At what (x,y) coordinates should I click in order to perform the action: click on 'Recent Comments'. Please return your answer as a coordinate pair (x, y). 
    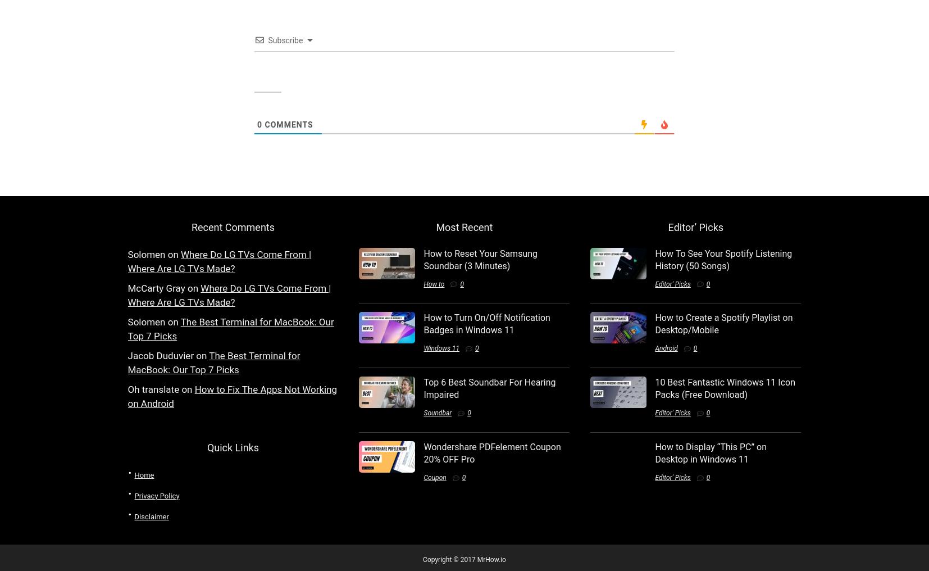
    Looking at the image, I should click on (232, 226).